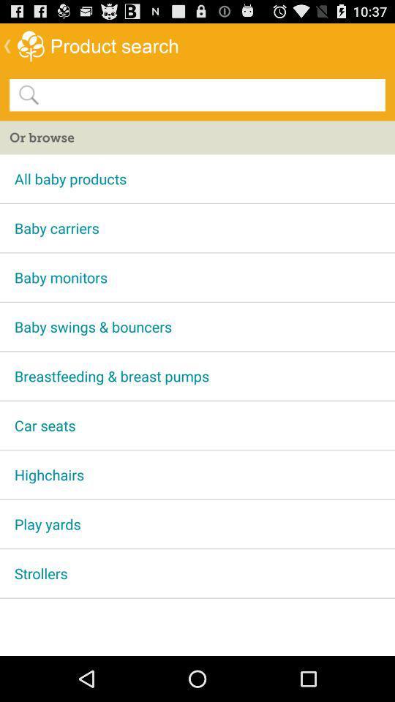  Describe the element at coordinates (197, 178) in the screenshot. I see `the all baby products icon` at that location.